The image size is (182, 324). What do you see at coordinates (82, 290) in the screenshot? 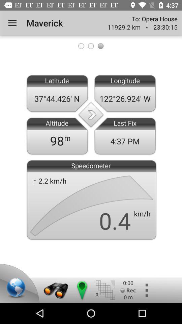
I see `know the location` at bounding box center [82, 290].